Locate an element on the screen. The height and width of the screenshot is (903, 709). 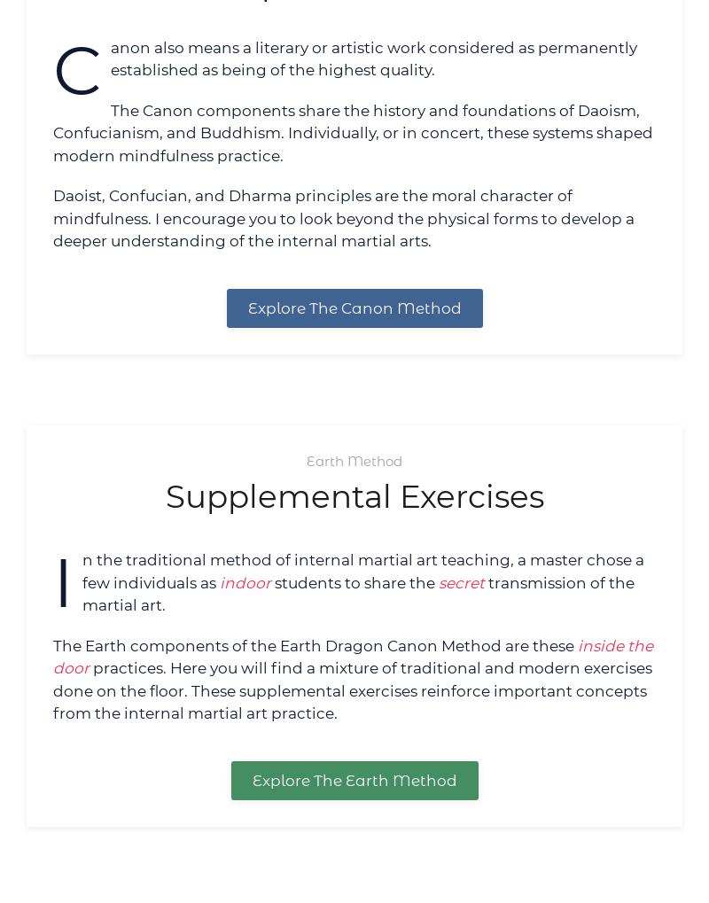
'Earth Method' is located at coordinates (354, 460).